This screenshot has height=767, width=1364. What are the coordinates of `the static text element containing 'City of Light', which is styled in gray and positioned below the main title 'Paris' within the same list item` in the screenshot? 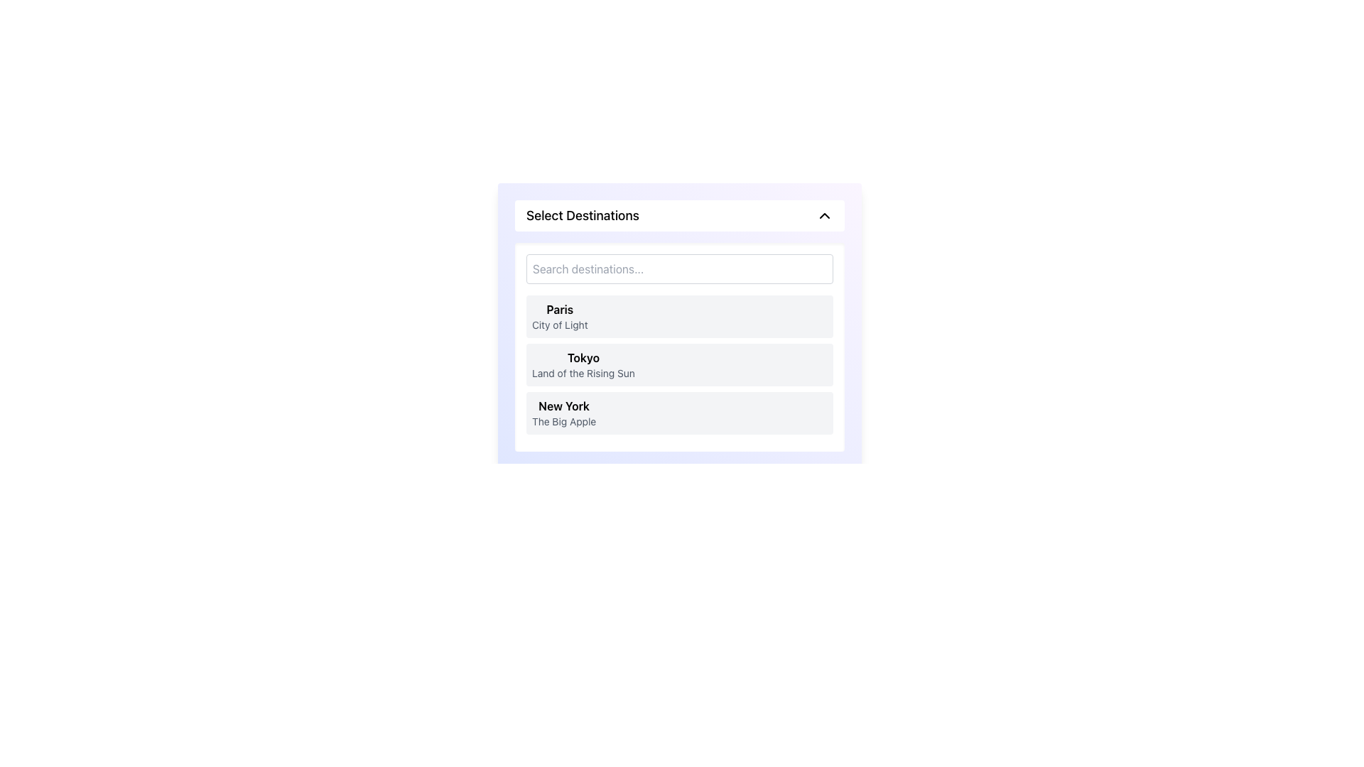 It's located at (559, 325).